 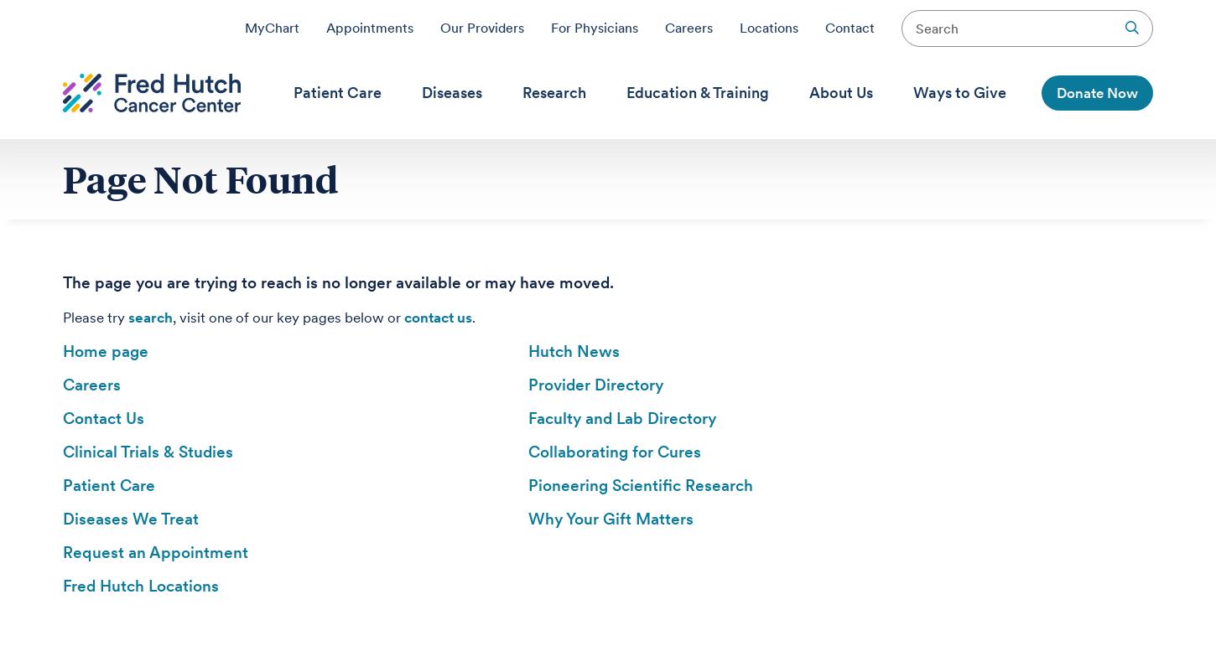 What do you see at coordinates (527, 418) in the screenshot?
I see `'Faculty and Lab Directory'` at bounding box center [527, 418].